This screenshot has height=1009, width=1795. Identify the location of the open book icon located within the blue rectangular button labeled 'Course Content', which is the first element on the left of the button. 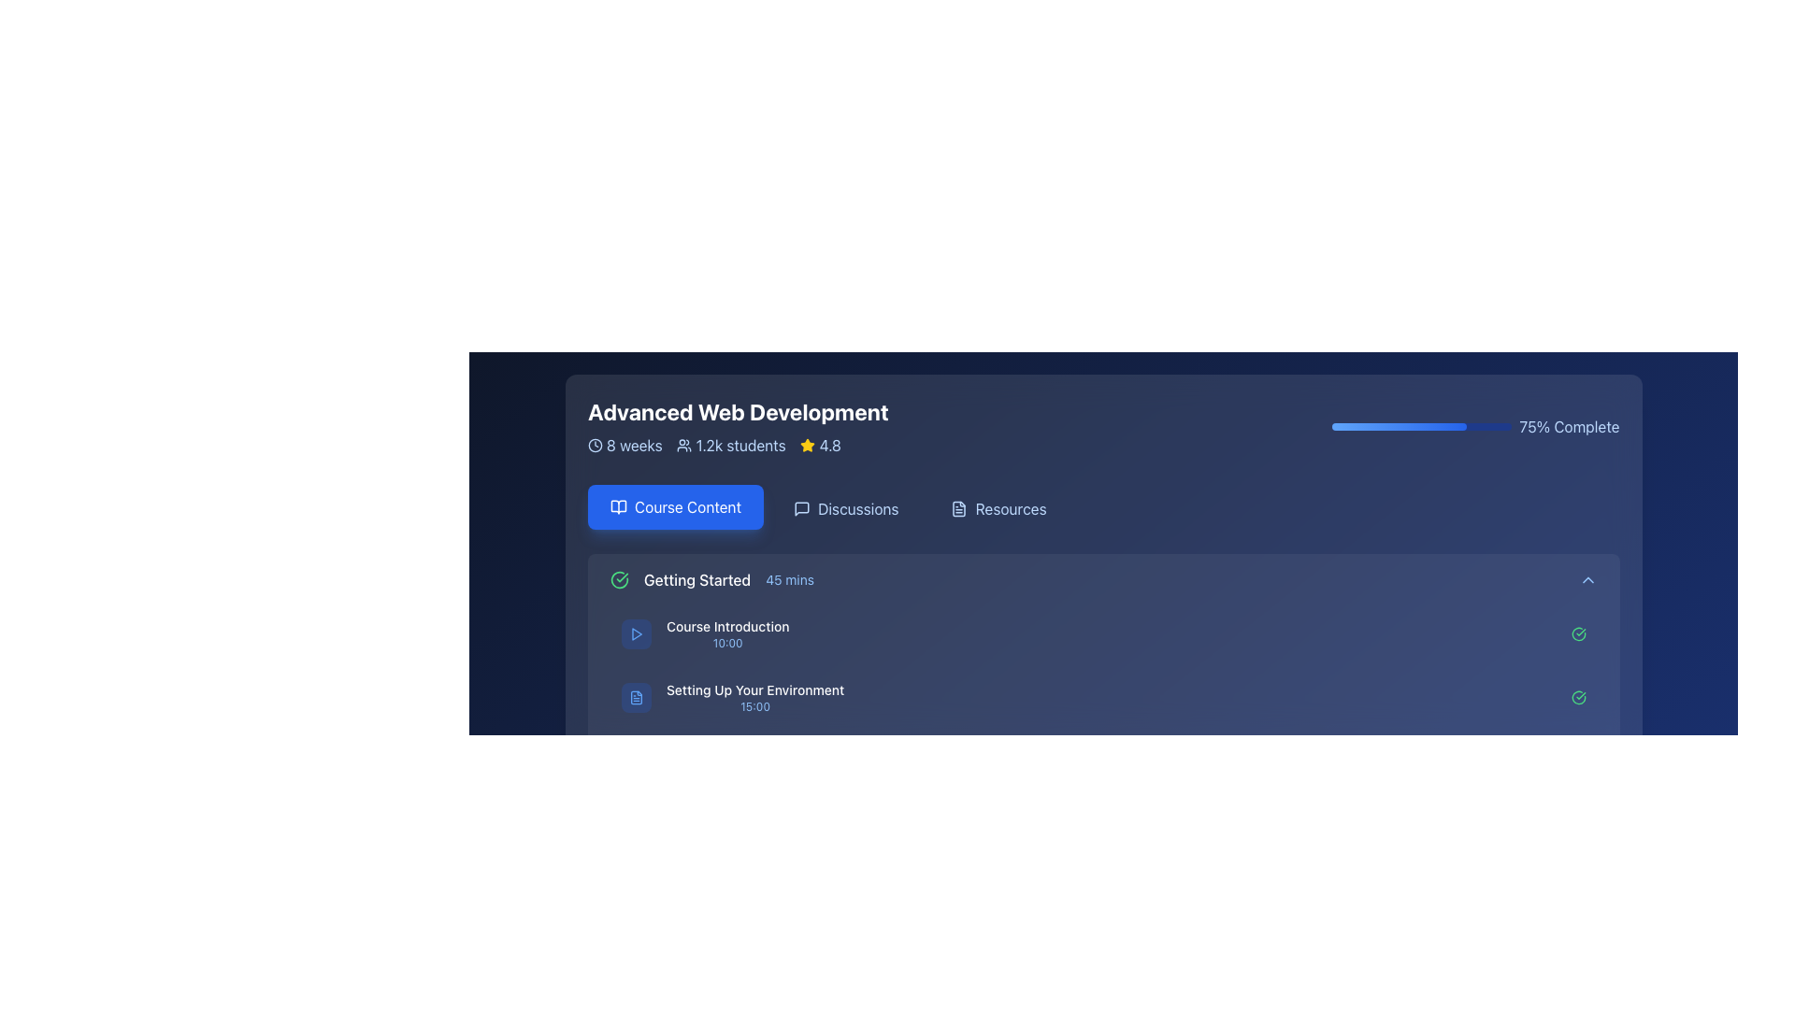
(618, 507).